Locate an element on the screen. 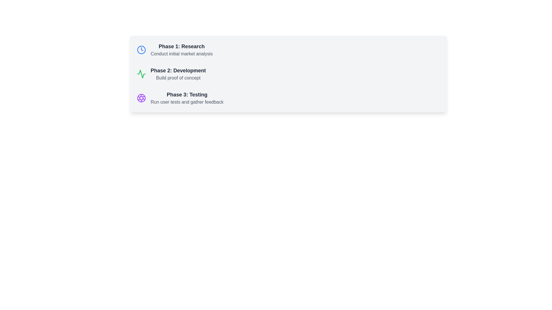 This screenshot has width=552, height=310. the blue circular outline representing the clock face in the 'Phase 1: Research' section, which is part of a vertical list of phases is located at coordinates (141, 49).